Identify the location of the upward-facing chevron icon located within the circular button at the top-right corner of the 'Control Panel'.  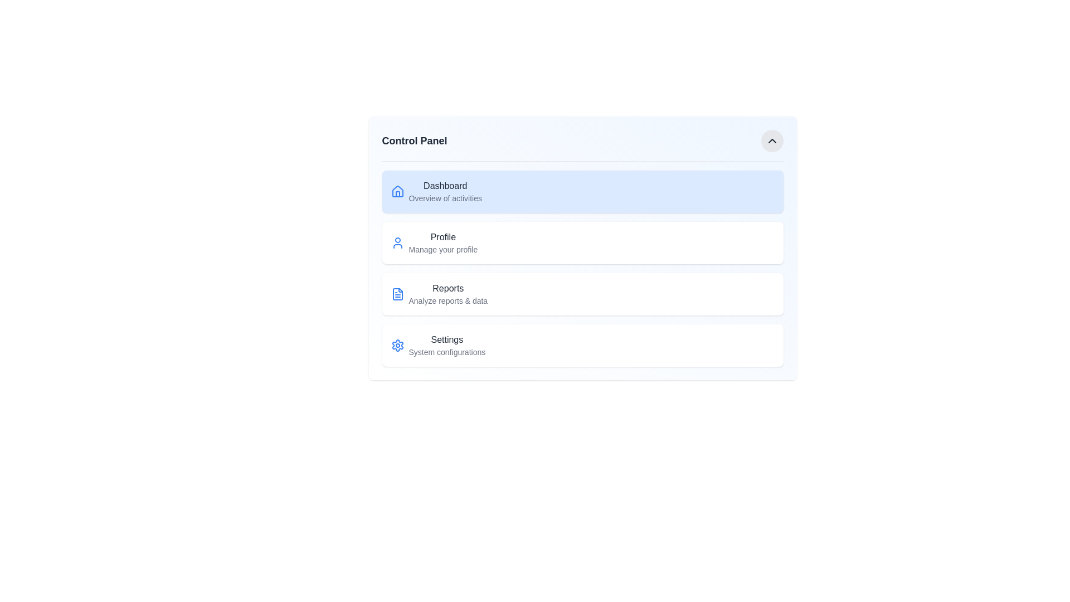
(771, 140).